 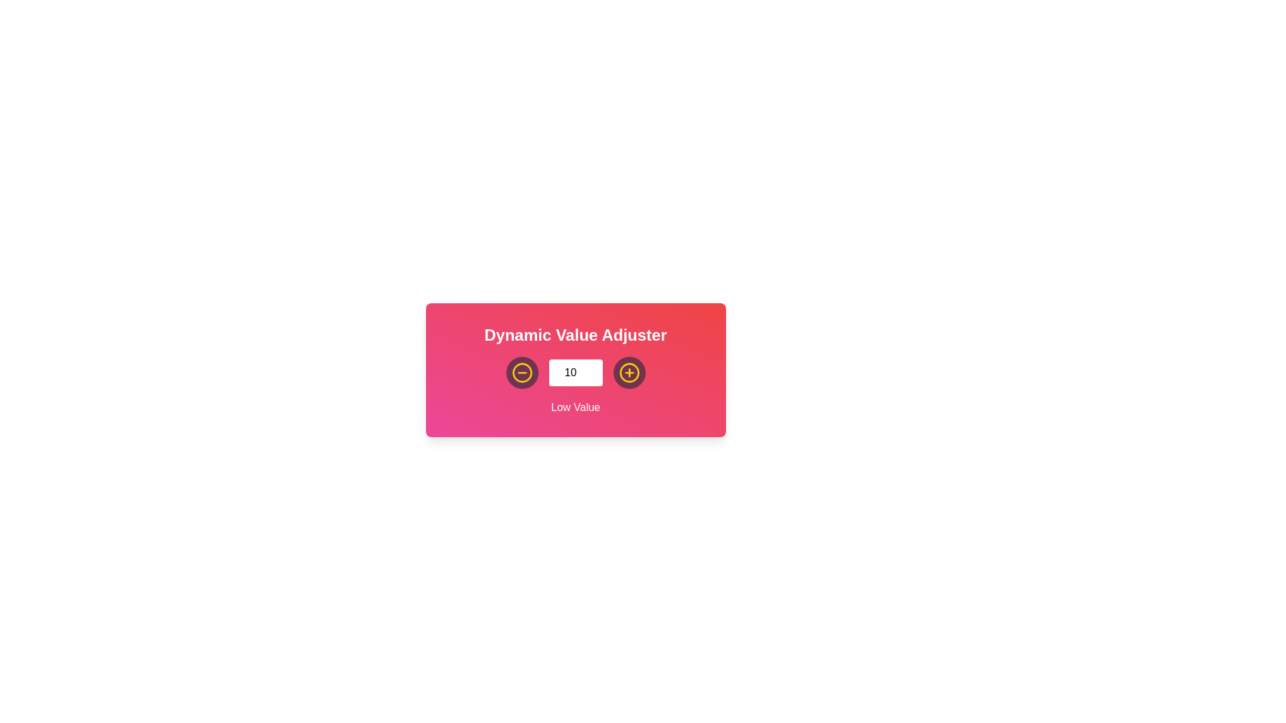 I want to click on text content of the static text label that provides a descriptor indicating the current state, positioned at the bottom center of the card below the number input box, so click(x=575, y=407).